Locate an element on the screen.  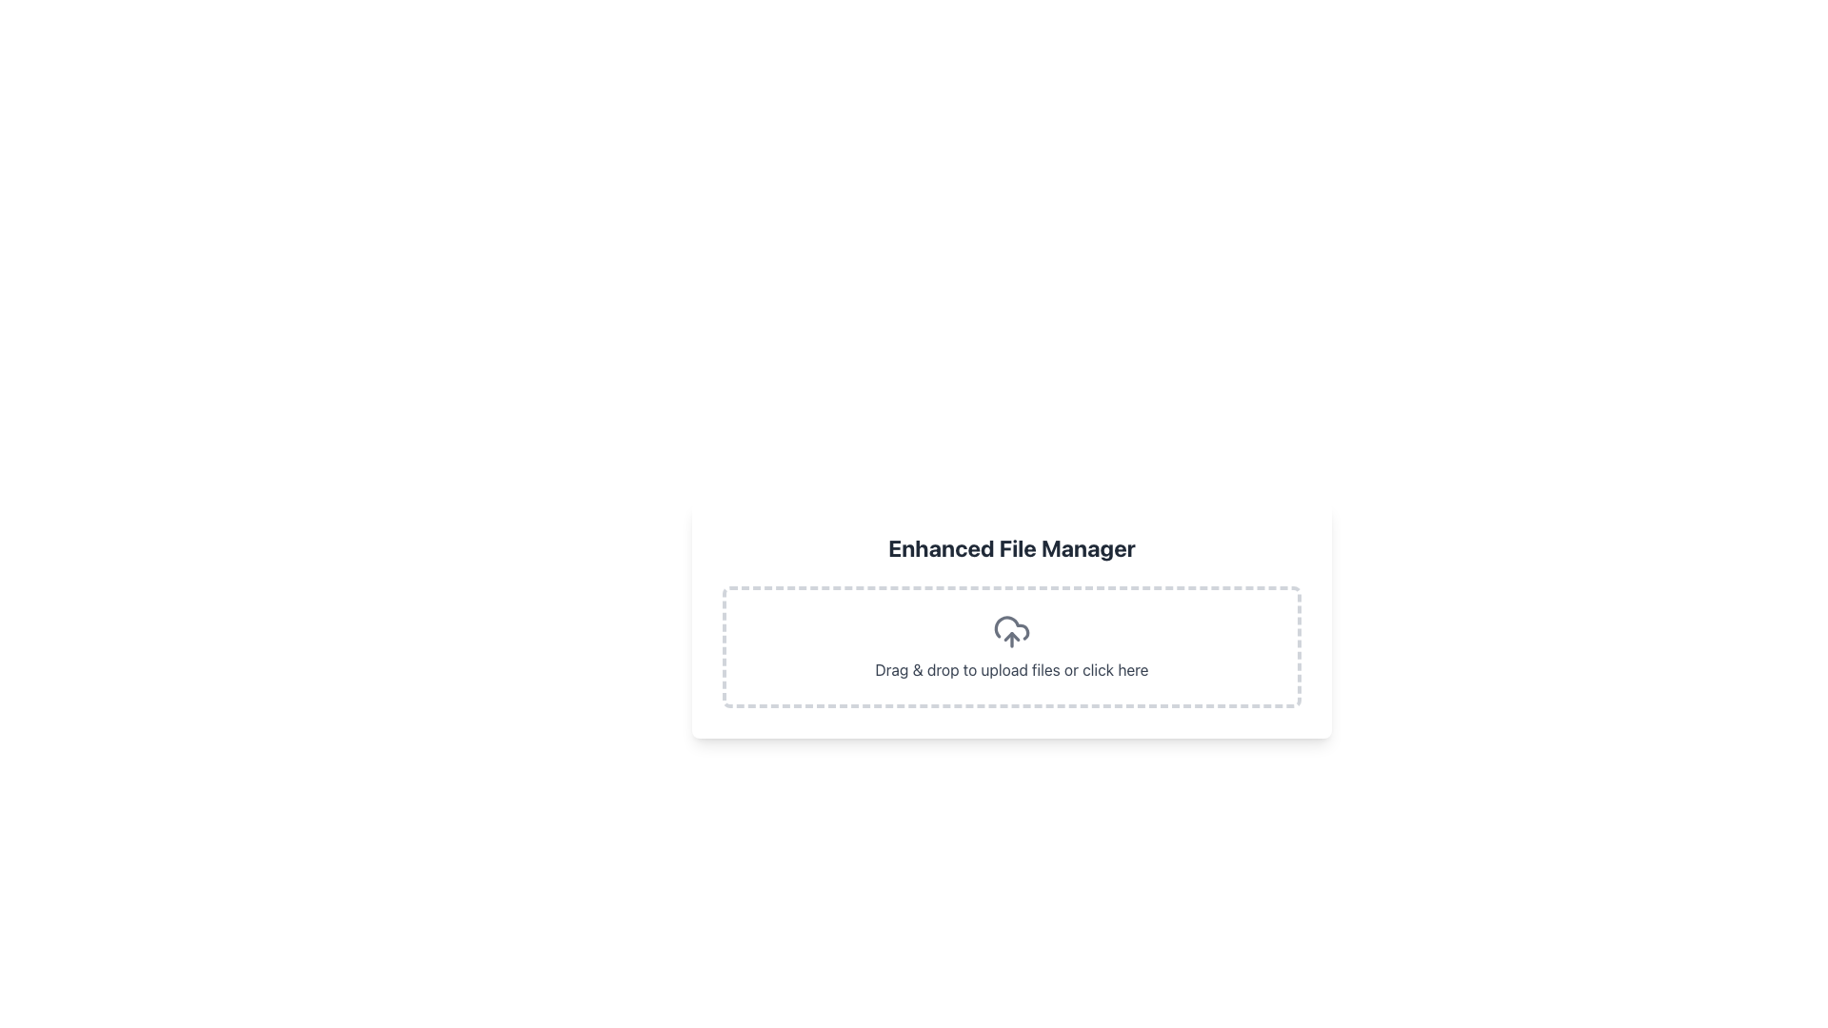
the Interactive File Upload Area with the header 'Enhanced File Manager' is located at coordinates (1010, 639).